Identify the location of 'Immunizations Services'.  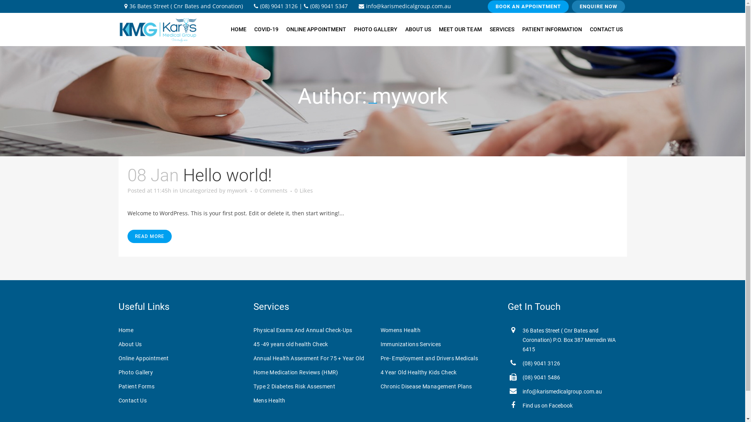
(380, 343).